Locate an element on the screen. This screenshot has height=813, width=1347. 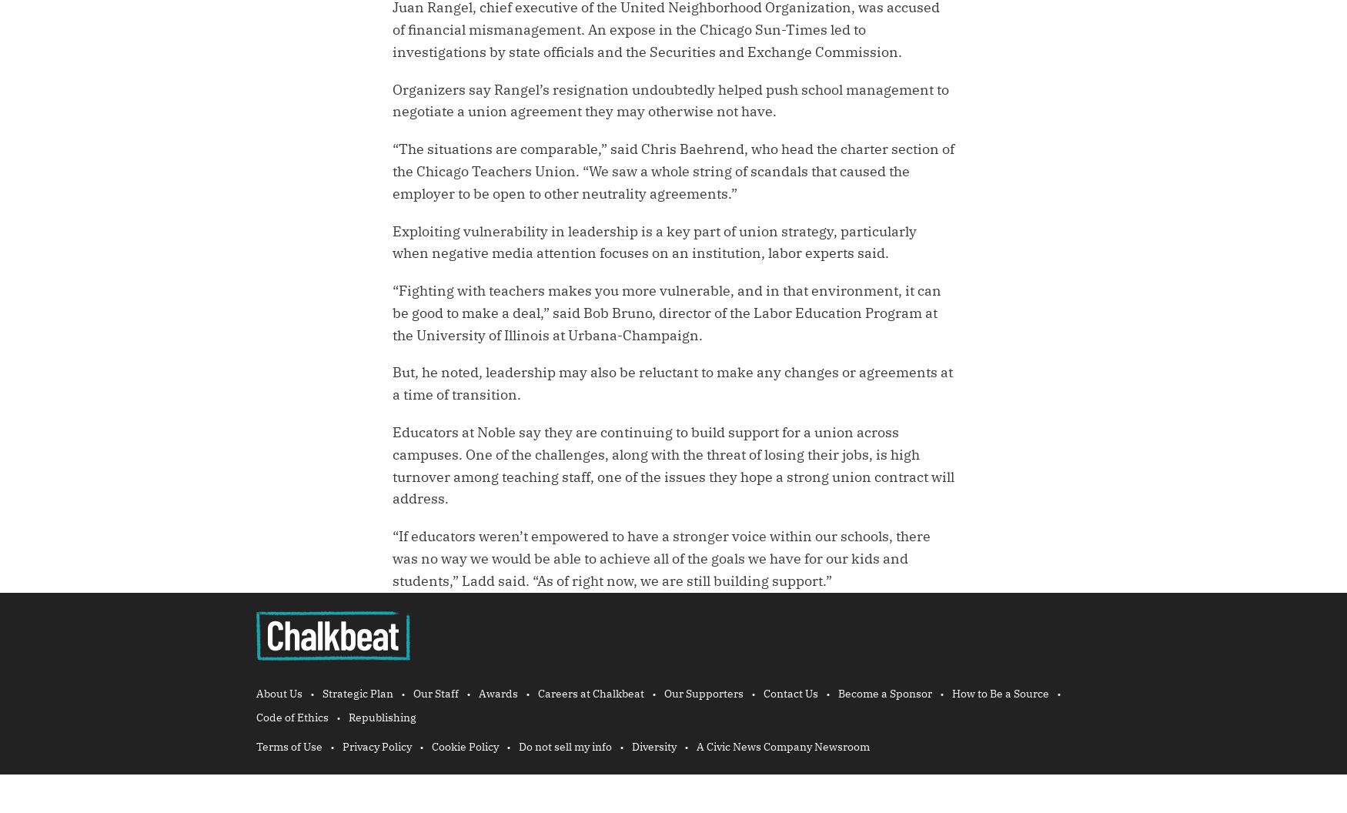
'Cookie Policy' is located at coordinates (465, 747).